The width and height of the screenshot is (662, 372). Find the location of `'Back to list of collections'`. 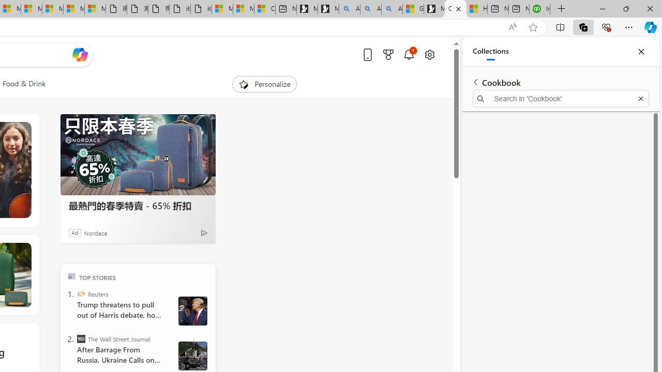

'Back to list of collections' is located at coordinates (475, 82).